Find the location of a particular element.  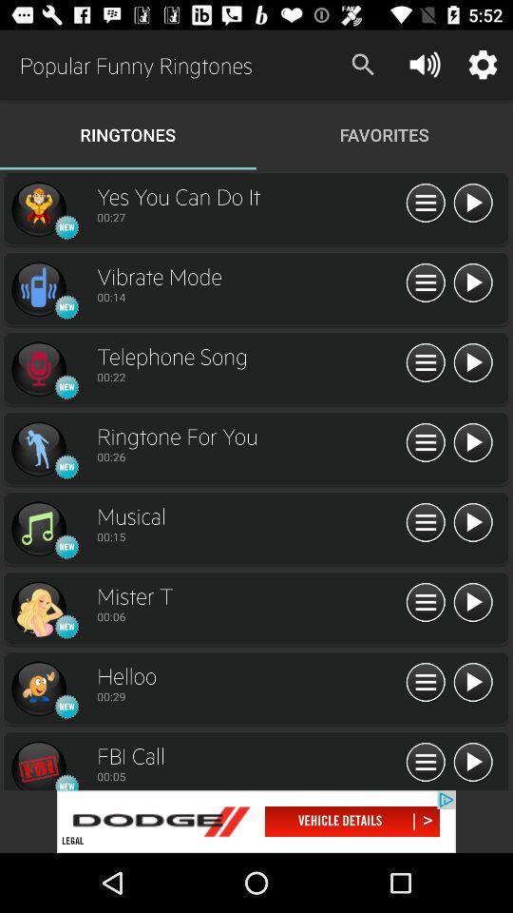

music serce is located at coordinates (38, 765).